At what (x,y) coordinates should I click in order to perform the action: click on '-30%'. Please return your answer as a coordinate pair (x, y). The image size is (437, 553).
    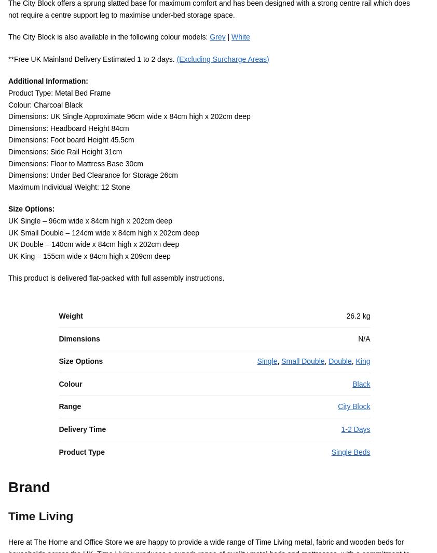
    Looking at the image, I should click on (360, 427).